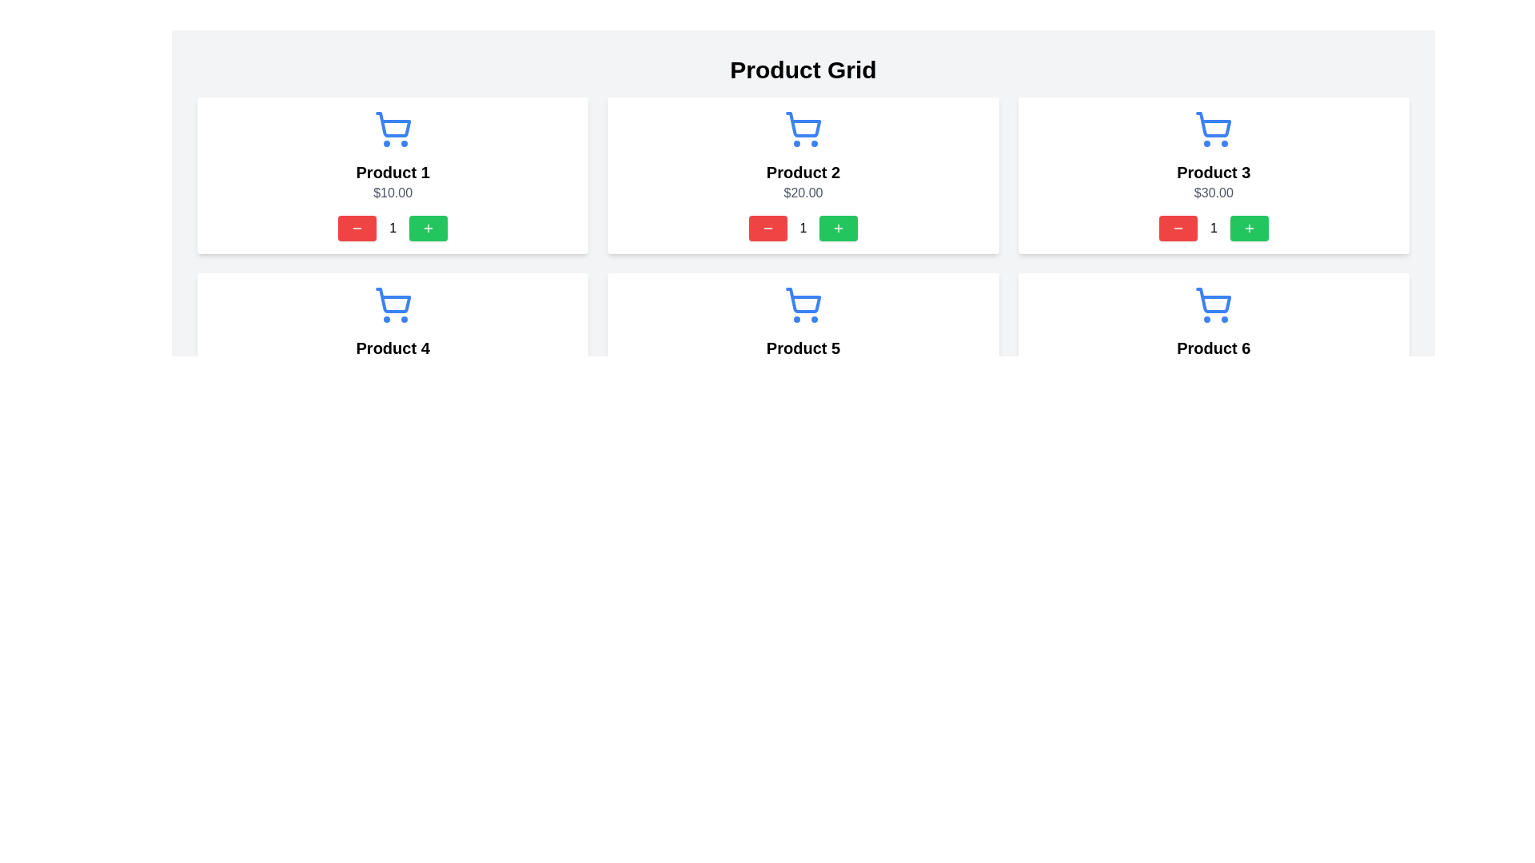  I want to click on the numeric text label '1' in bold font style, located centrally within the numeric stepper control for 'Product 2', positioned beneath the price '$20.00', so click(803, 228).